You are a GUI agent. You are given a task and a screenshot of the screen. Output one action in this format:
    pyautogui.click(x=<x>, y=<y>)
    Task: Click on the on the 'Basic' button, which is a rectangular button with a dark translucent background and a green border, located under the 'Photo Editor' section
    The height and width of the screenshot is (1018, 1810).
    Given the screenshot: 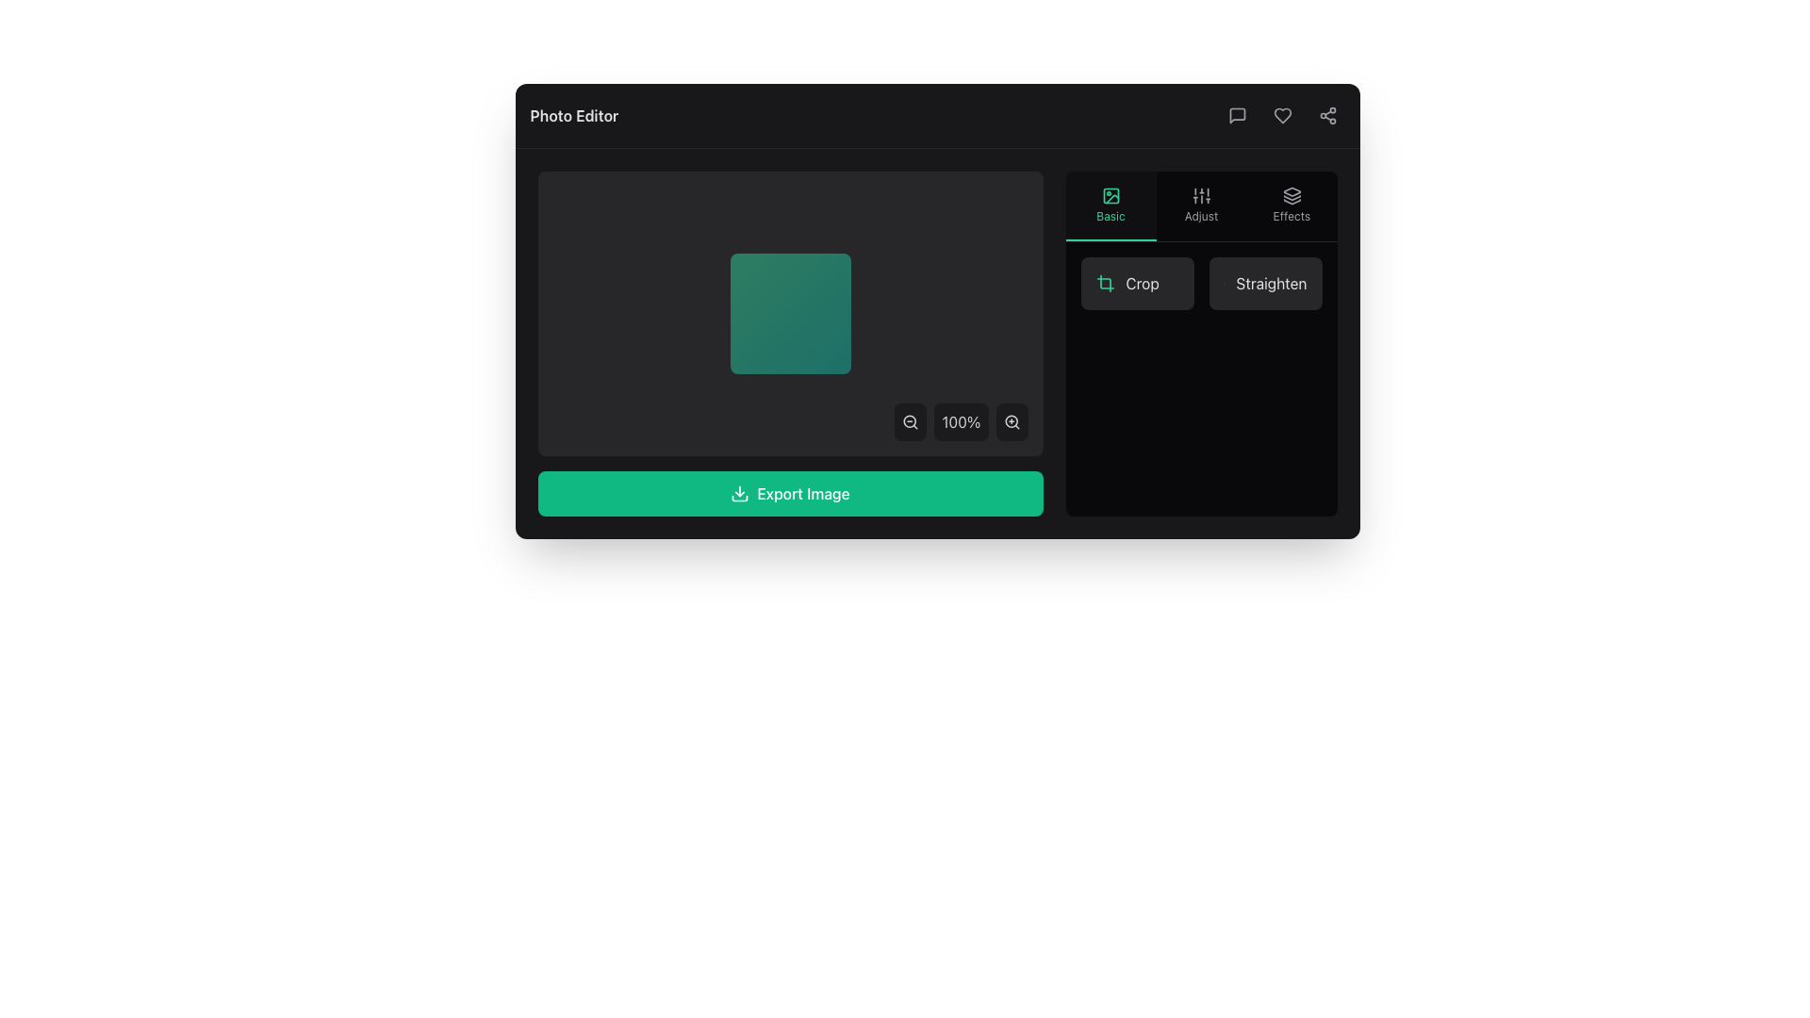 What is the action you would take?
    pyautogui.click(x=1111, y=206)
    